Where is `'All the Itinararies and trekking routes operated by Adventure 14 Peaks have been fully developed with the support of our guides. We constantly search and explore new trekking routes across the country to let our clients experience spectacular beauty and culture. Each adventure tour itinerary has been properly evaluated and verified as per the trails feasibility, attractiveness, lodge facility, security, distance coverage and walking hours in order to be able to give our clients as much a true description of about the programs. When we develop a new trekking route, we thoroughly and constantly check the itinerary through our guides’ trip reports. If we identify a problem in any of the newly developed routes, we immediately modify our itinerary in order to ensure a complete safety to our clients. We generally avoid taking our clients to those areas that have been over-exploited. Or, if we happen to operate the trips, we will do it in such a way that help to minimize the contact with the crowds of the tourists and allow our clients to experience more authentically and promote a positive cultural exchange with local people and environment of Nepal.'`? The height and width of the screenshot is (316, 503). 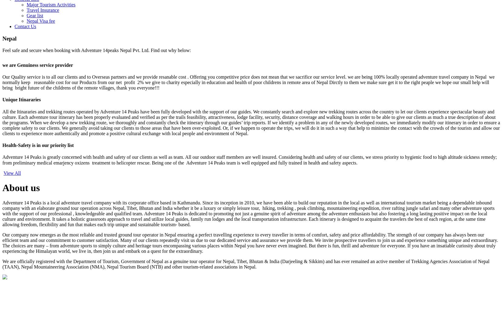
'All the Itinararies and trekking routes operated by Adventure 14 Peaks have been fully developed with the support of our guides. We constantly search and explore new trekking routes across the country to let our clients experience spectacular beauty and culture. Each adventure tour itinerary has been properly evaluated and verified as per the trails feasibility, attractiveness, lodge facility, security, distance coverage and walking hours in order to be able to give our clients as much a true description of about the programs. When we develop a new trekking route, we thoroughly and constantly check the itinerary through our guides’ trip reports. If we identify a problem in any of the newly developed routes, we immediately modify our itinerary in order to ensure a complete safety to our clients. We generally avoid taking our clients to those areas that have been over-exploited. Or, if we happen to operate the trips, we will do it in such a way that help to minimize the contact with the crowds of the tourists and allow our clients to experience more authentically and promote a positive cultural exchange with local people and environment of Nepal.' is located at coordinates (251, 122).